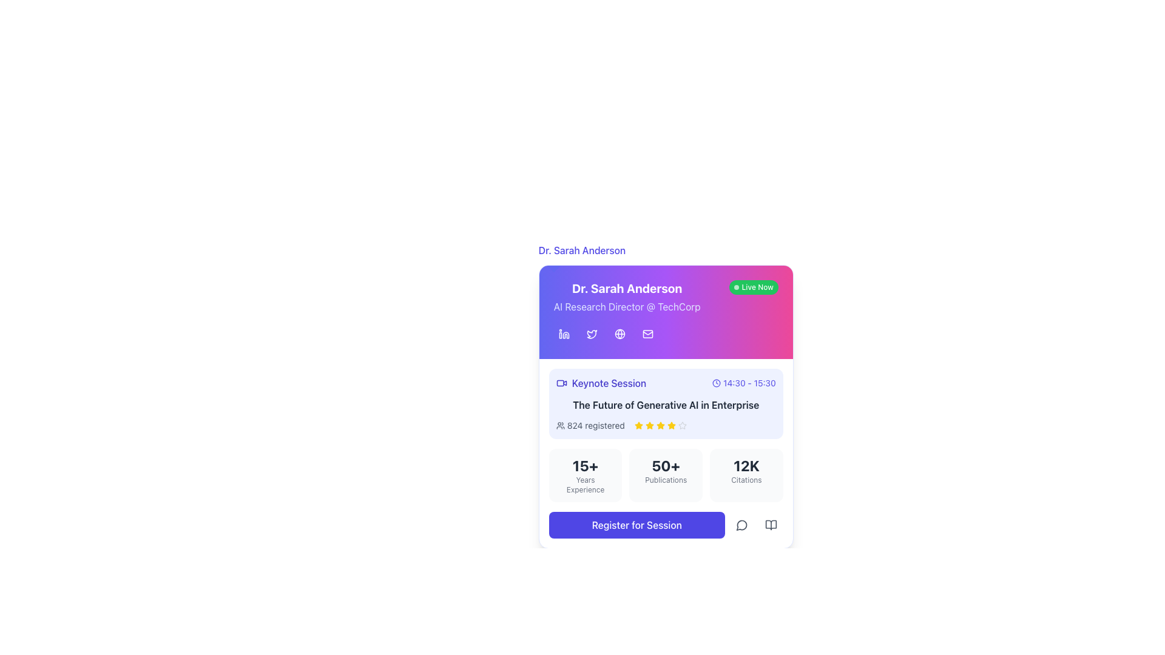 The width and height of the screenshot is (1165, 655). What do you see at coordinates (620, 334) in the screenshot?
I see `the globe icon, which is part of the visual representation for a global action, located to the right of the center of the icon below the user's description section` at bounding box center [620, 334].